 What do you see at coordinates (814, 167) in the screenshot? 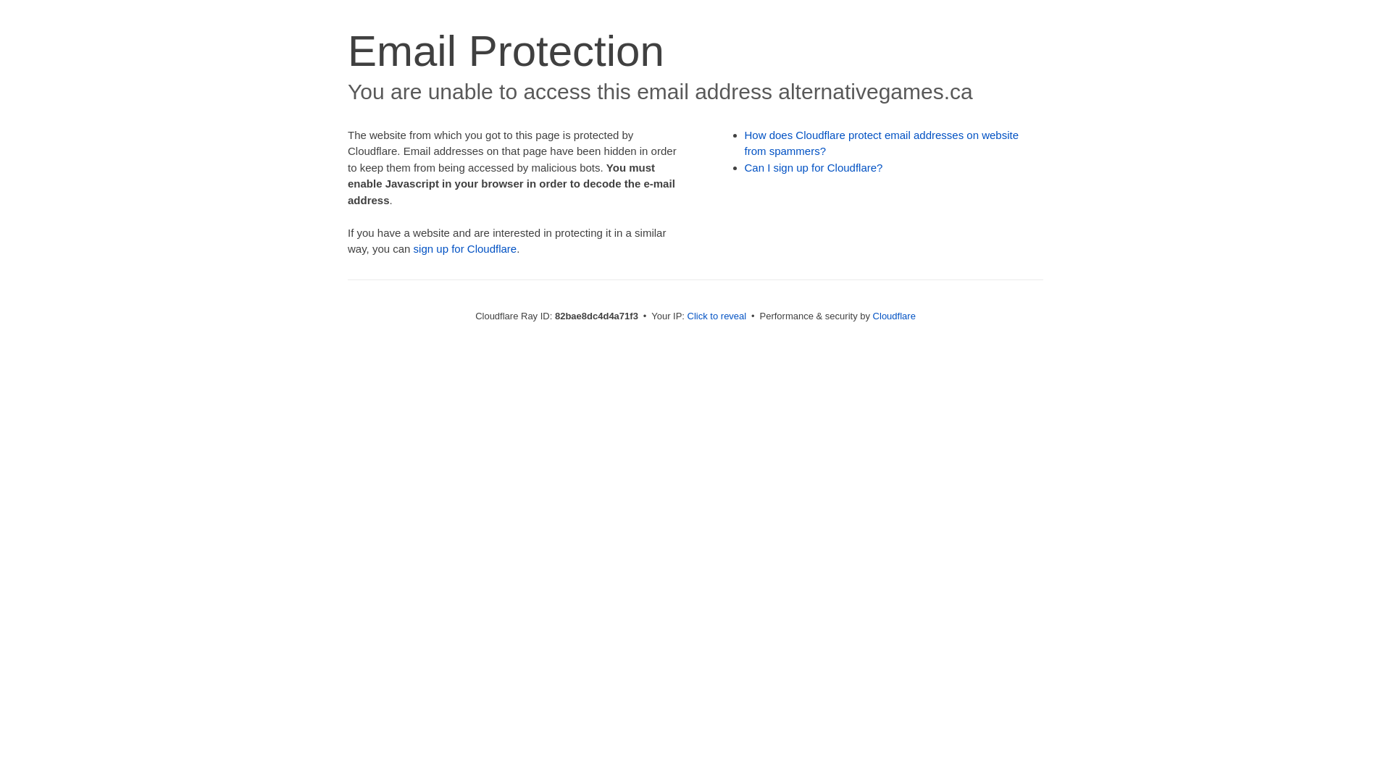
I see `'Can I sign up for Cloudflare?'` at bounding box center [814, 167].